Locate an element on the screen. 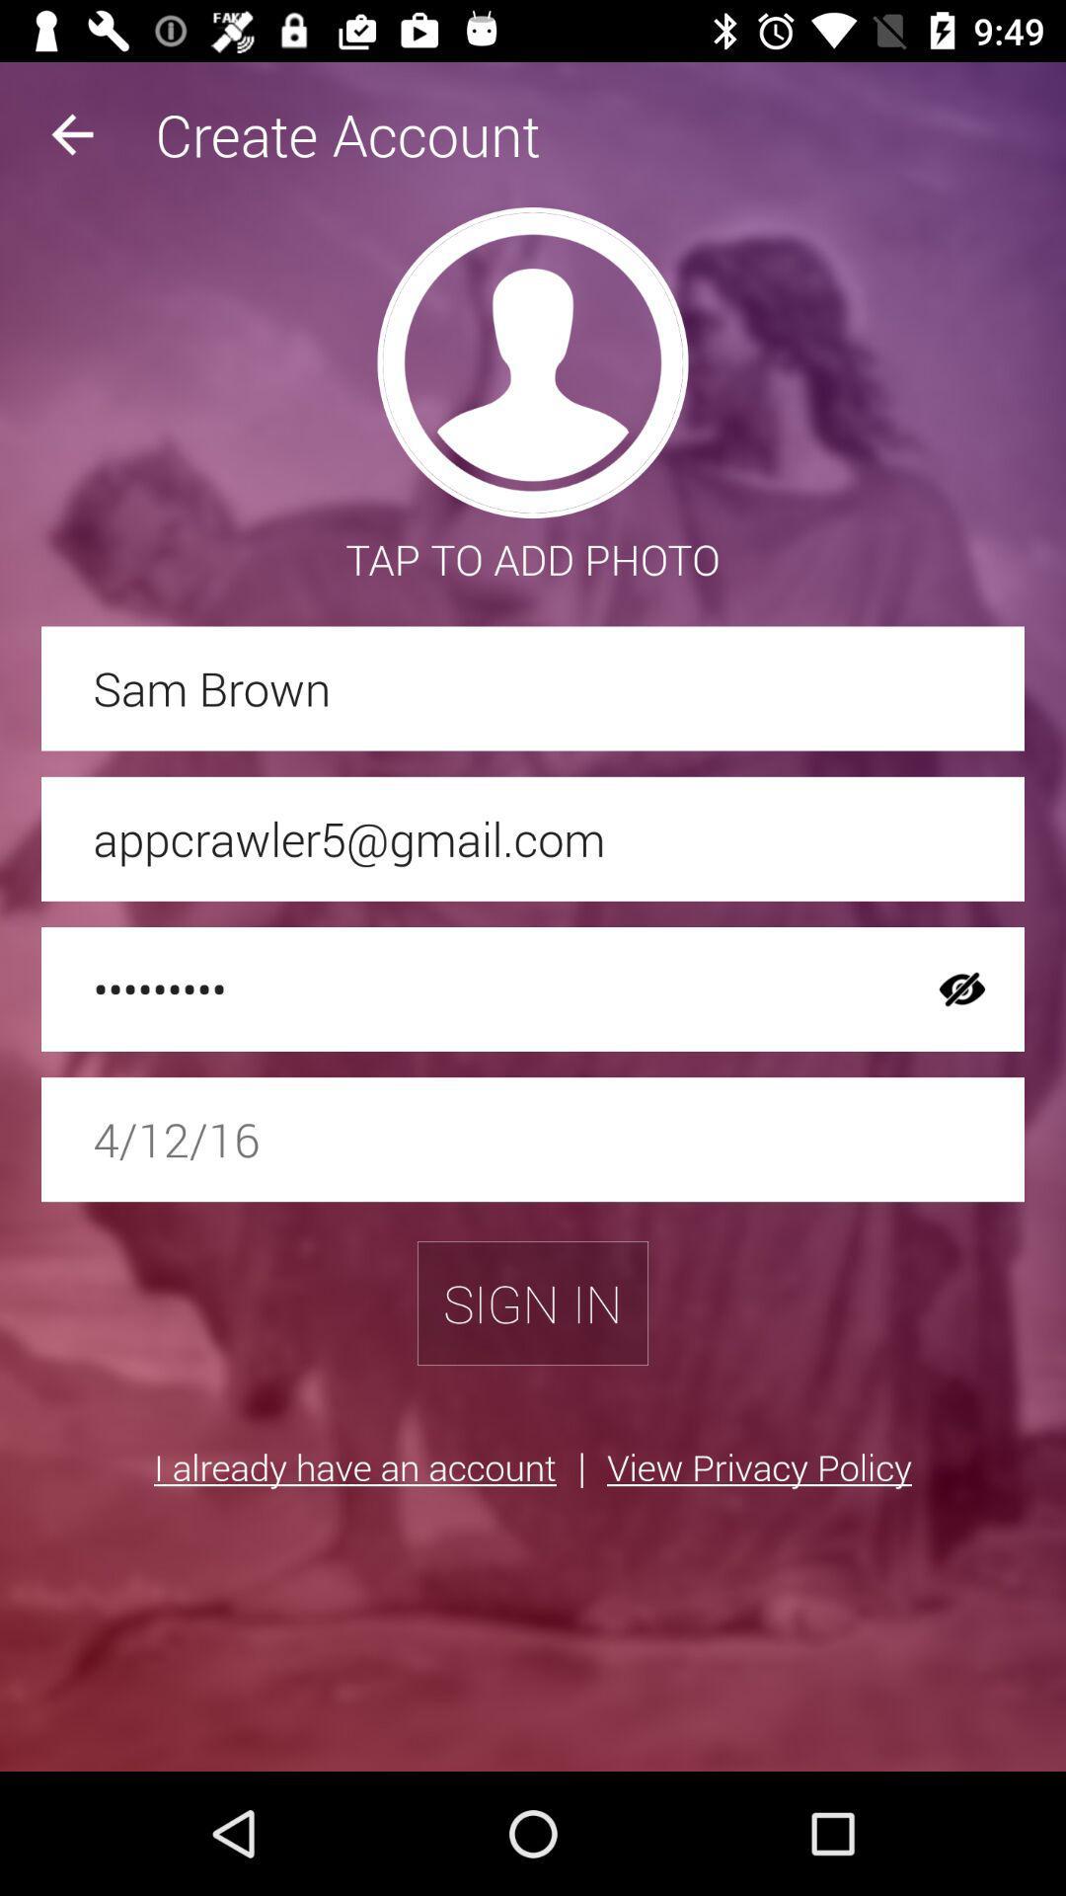 Image resolution: width=1066 pixels, height=1896 pixels. the icon above the 4/12/16 is located at coordinates (471, 989).